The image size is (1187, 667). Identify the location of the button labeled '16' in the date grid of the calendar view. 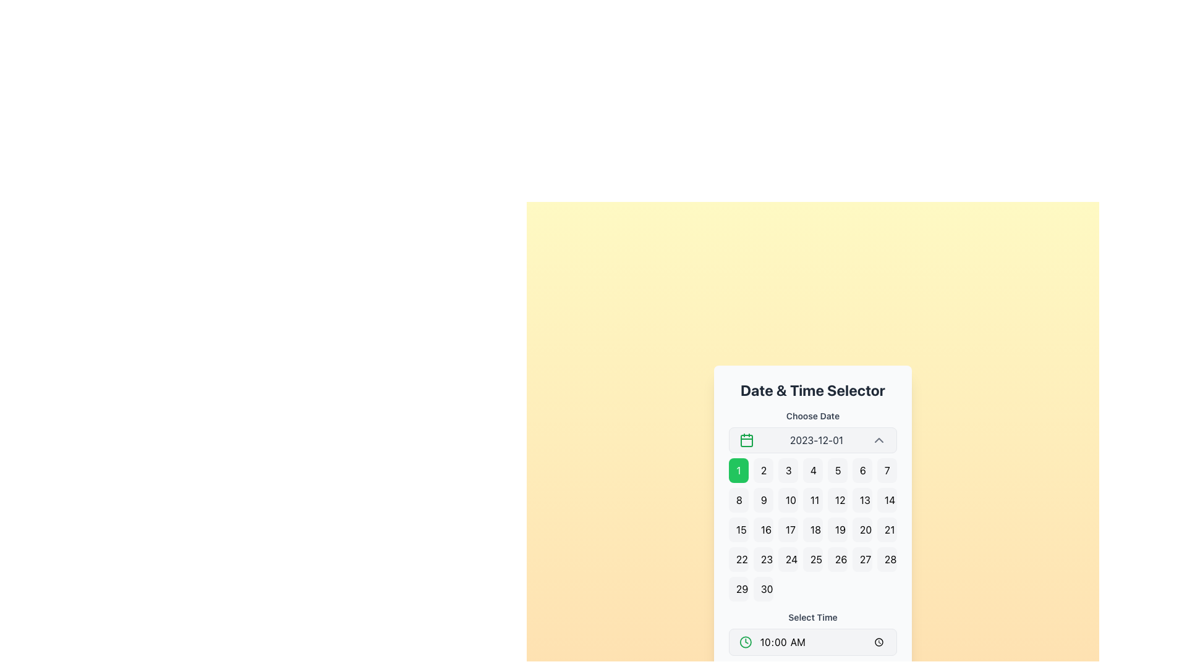
(762, 529).